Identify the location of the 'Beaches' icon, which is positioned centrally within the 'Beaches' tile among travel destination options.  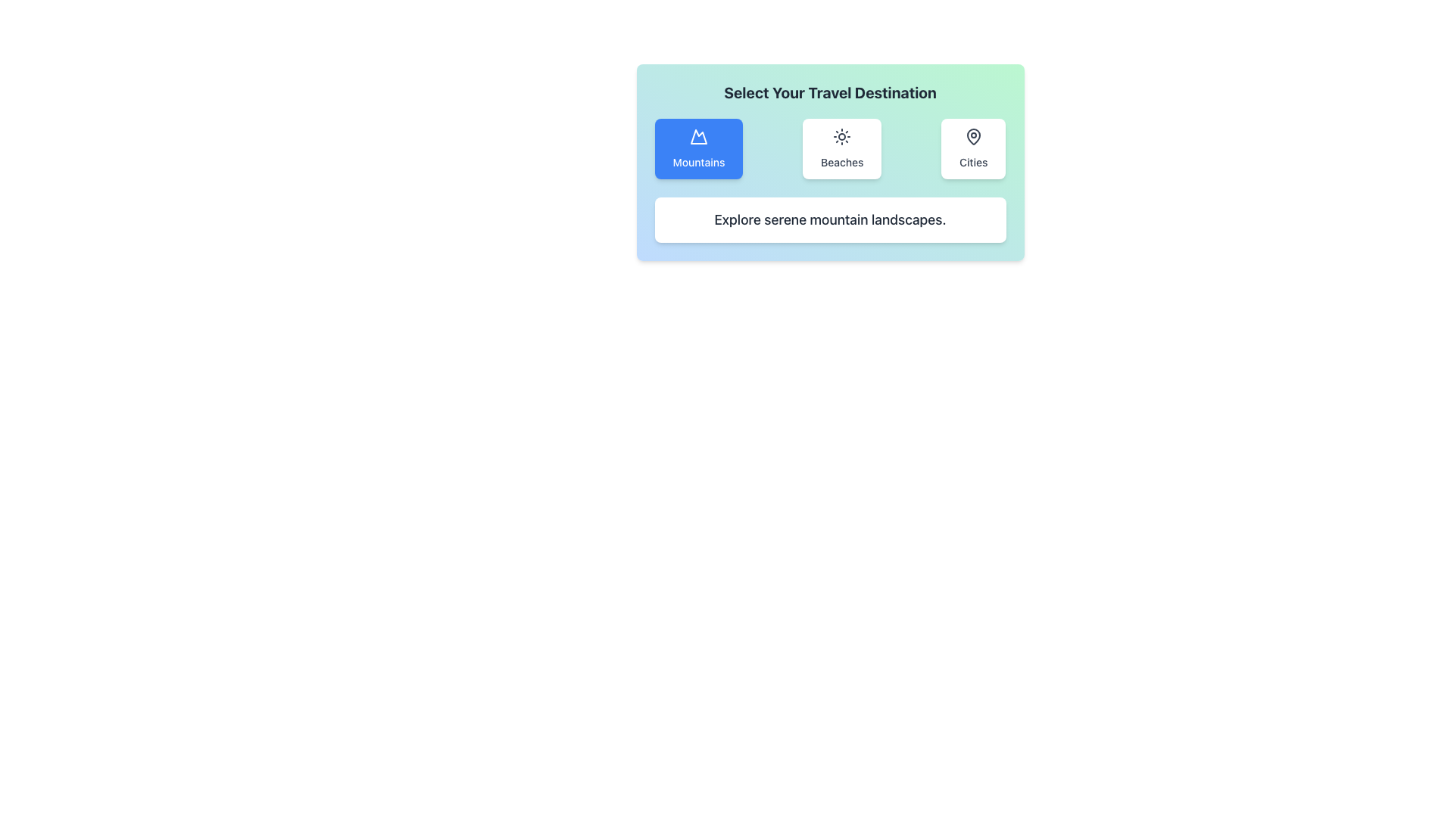
(841, 137).